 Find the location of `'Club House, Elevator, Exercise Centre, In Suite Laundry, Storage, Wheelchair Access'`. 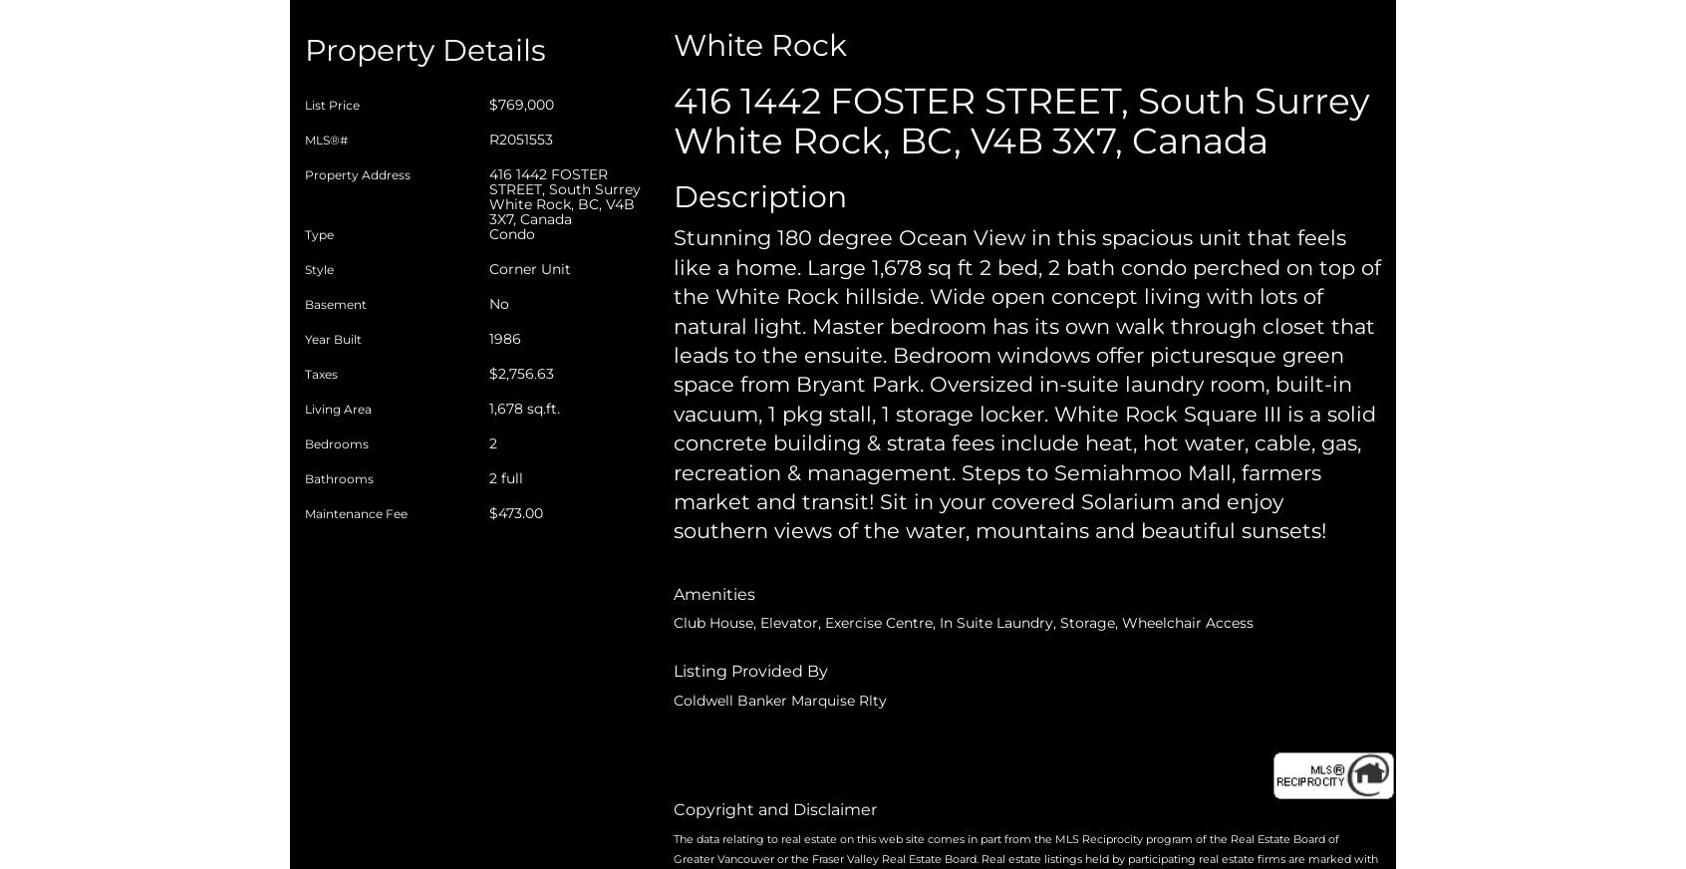

'Club House, Elevator, Exercise Centre, In Suite Laundry, Storage, Wheelchair Access' is located at coordinates (963, 622).